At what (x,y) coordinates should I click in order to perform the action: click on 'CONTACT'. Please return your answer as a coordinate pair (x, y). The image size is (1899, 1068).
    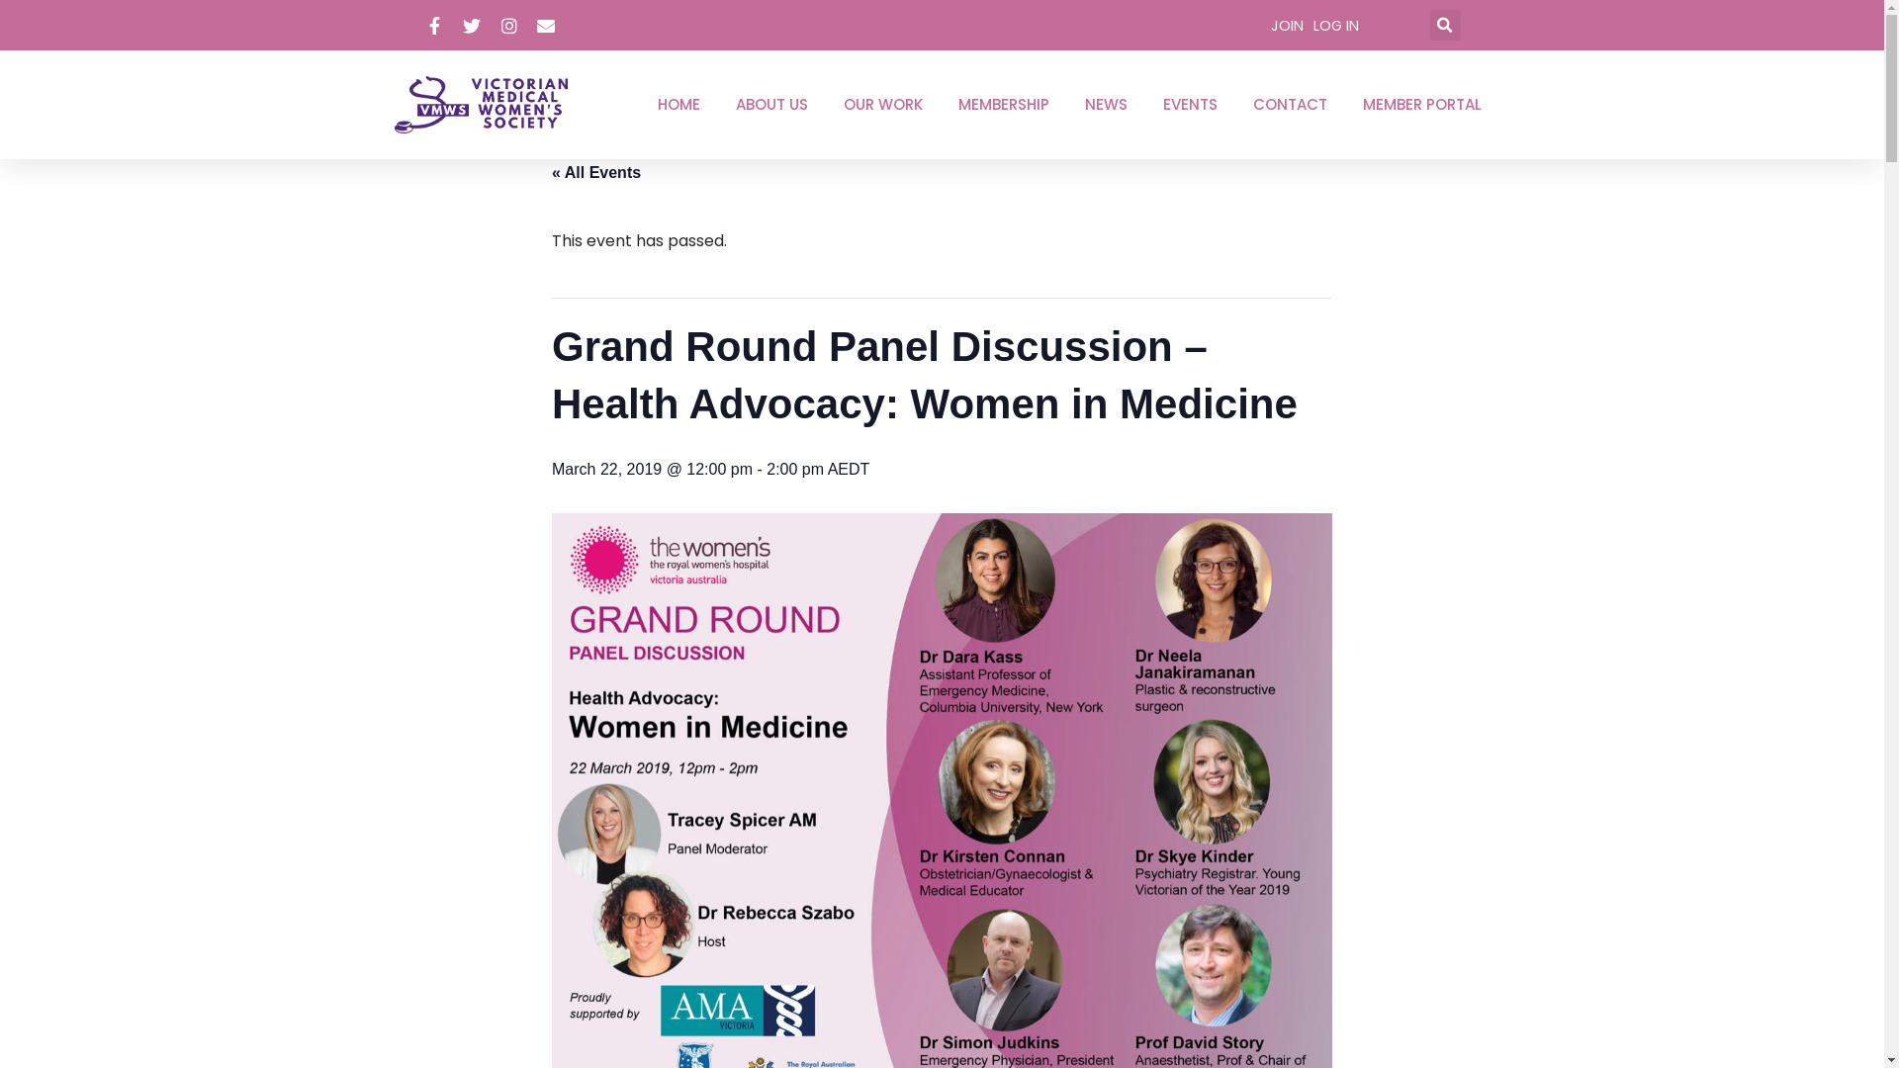
    Looking at the image, I should click on (1243, 104).